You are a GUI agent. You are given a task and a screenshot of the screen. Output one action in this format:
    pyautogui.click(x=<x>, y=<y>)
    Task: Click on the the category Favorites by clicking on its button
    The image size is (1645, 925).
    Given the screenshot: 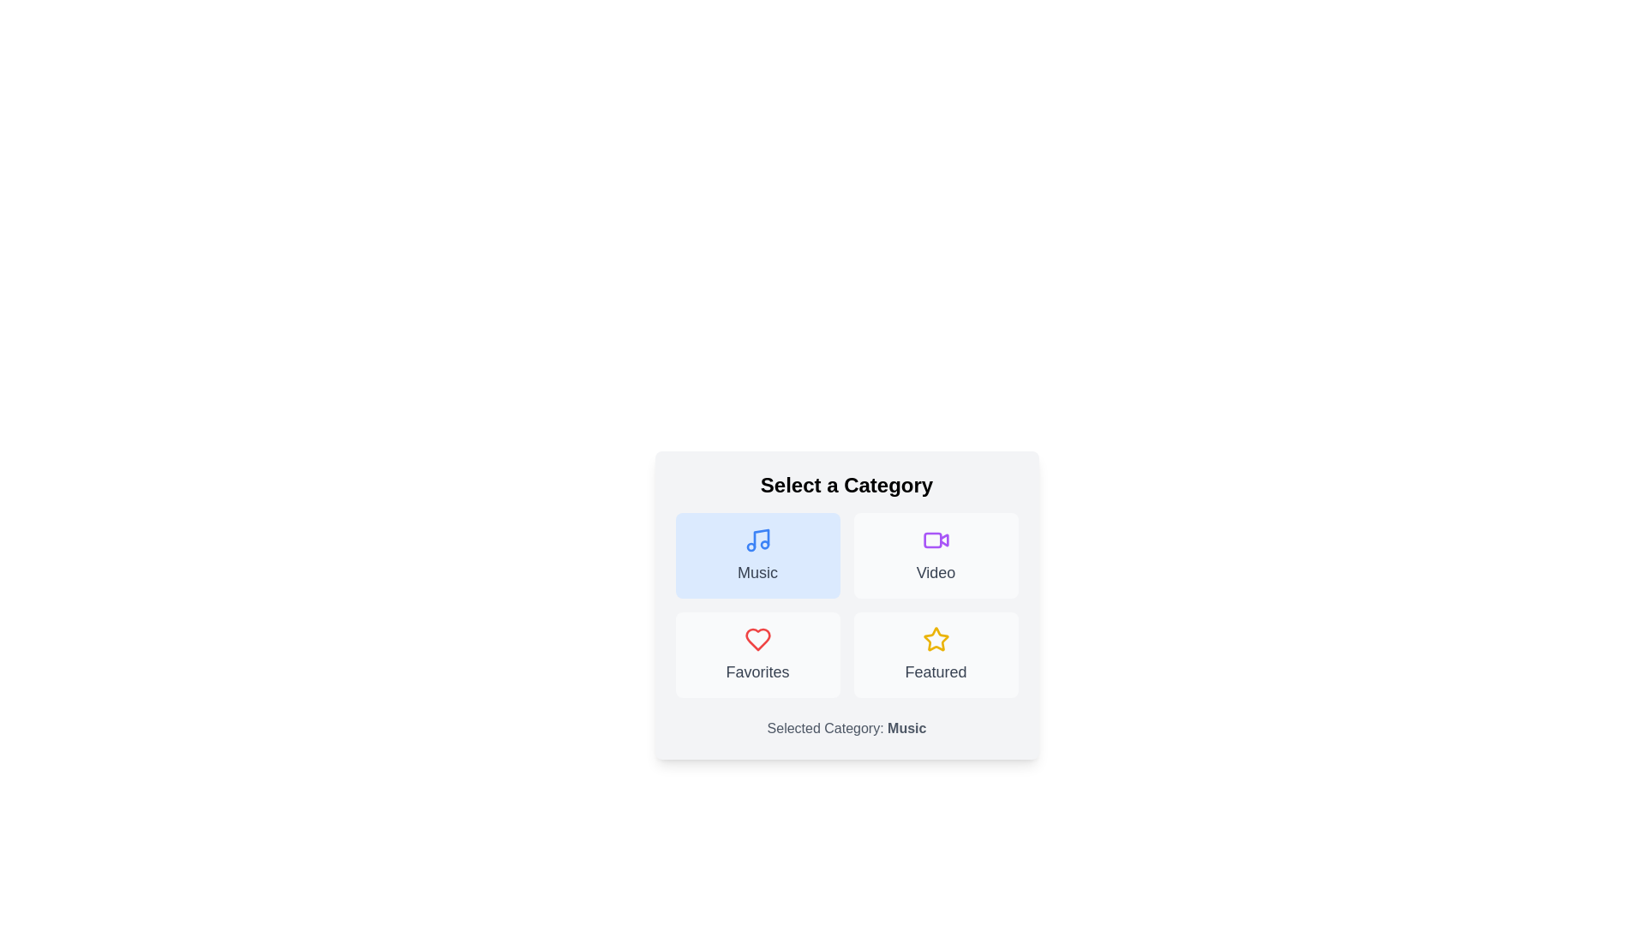 What is the action you would take?
    pyautogui.click(x=757, y=654)
    